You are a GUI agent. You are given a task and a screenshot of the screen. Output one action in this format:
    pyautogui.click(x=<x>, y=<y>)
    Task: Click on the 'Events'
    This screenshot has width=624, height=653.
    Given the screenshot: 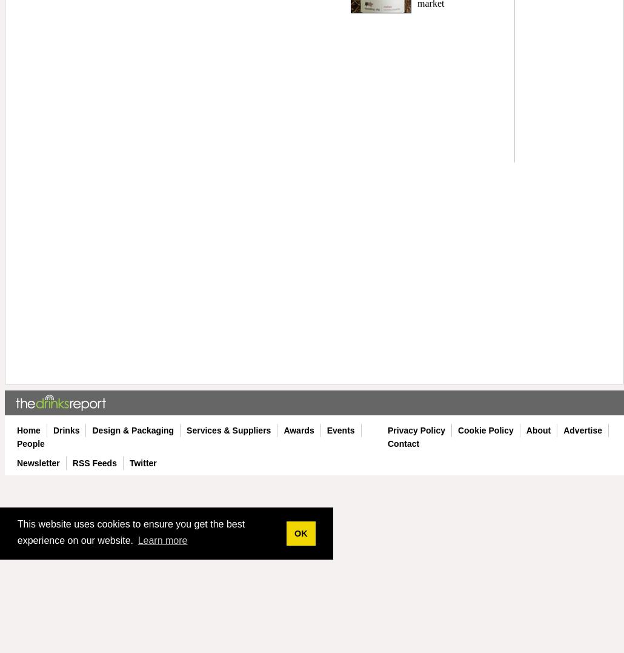 What is the action you would take?
    pyautogui.click(x=326, y=430)
    